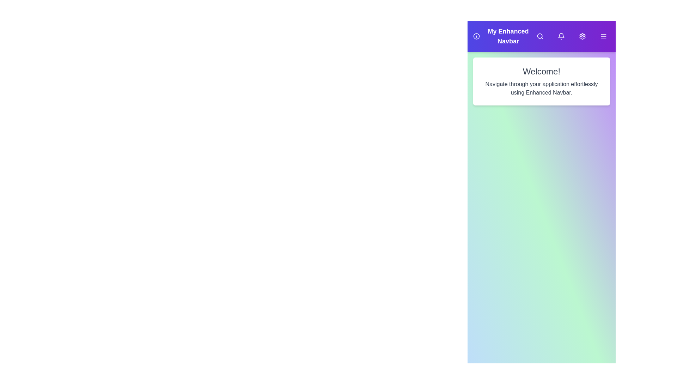  What do you see at coordinates (539, 36) in the screenshot?
I see `the navigation button Search` at bounding box center [539, 36].